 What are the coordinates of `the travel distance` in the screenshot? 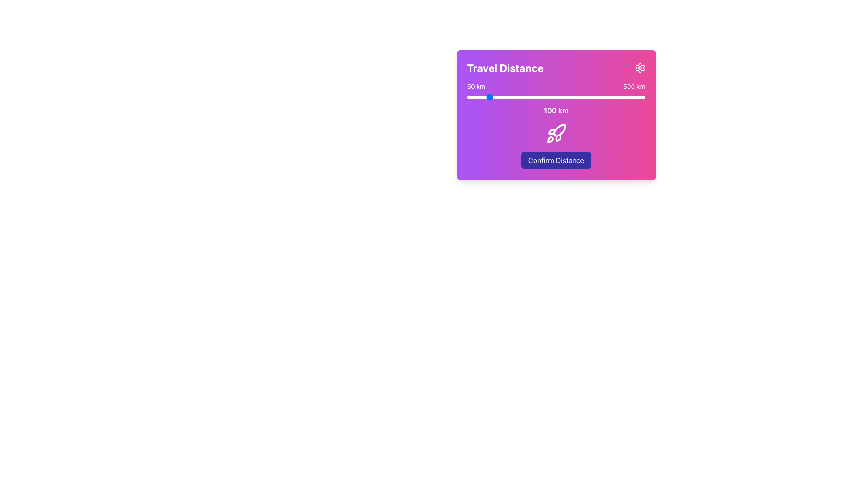 It's located at (527, 97).